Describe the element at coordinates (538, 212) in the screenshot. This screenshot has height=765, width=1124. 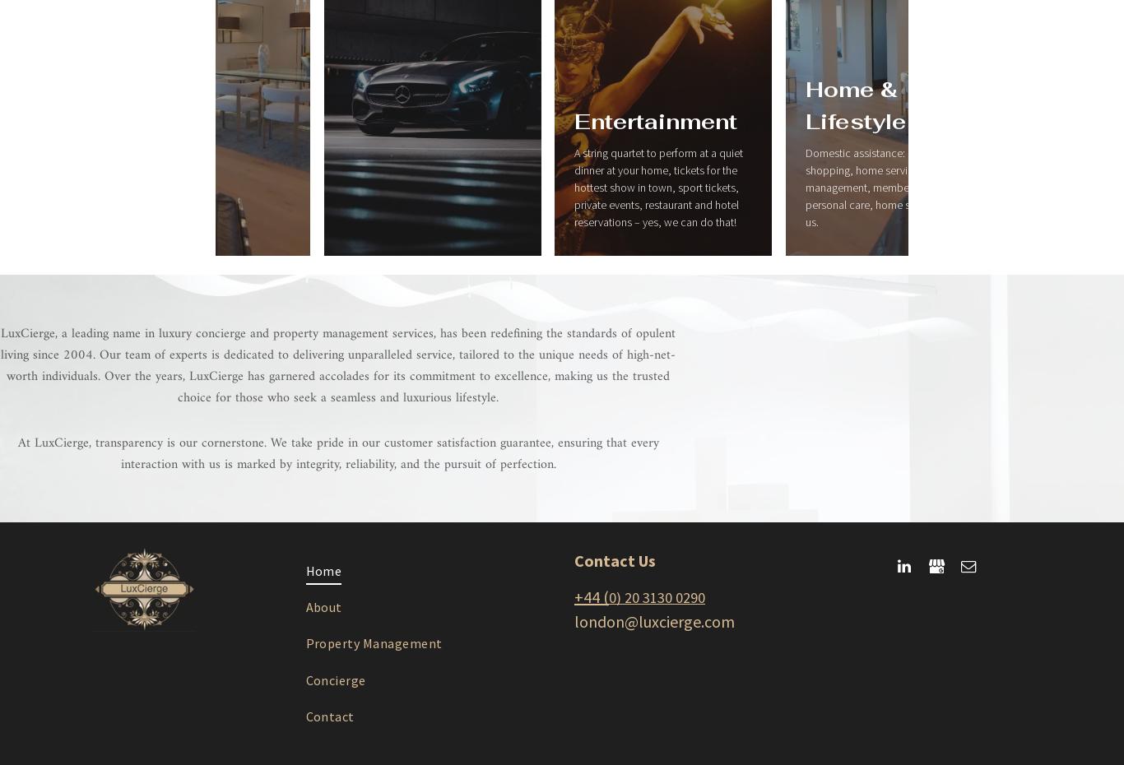
I see `'Business & Travel'` at that location.